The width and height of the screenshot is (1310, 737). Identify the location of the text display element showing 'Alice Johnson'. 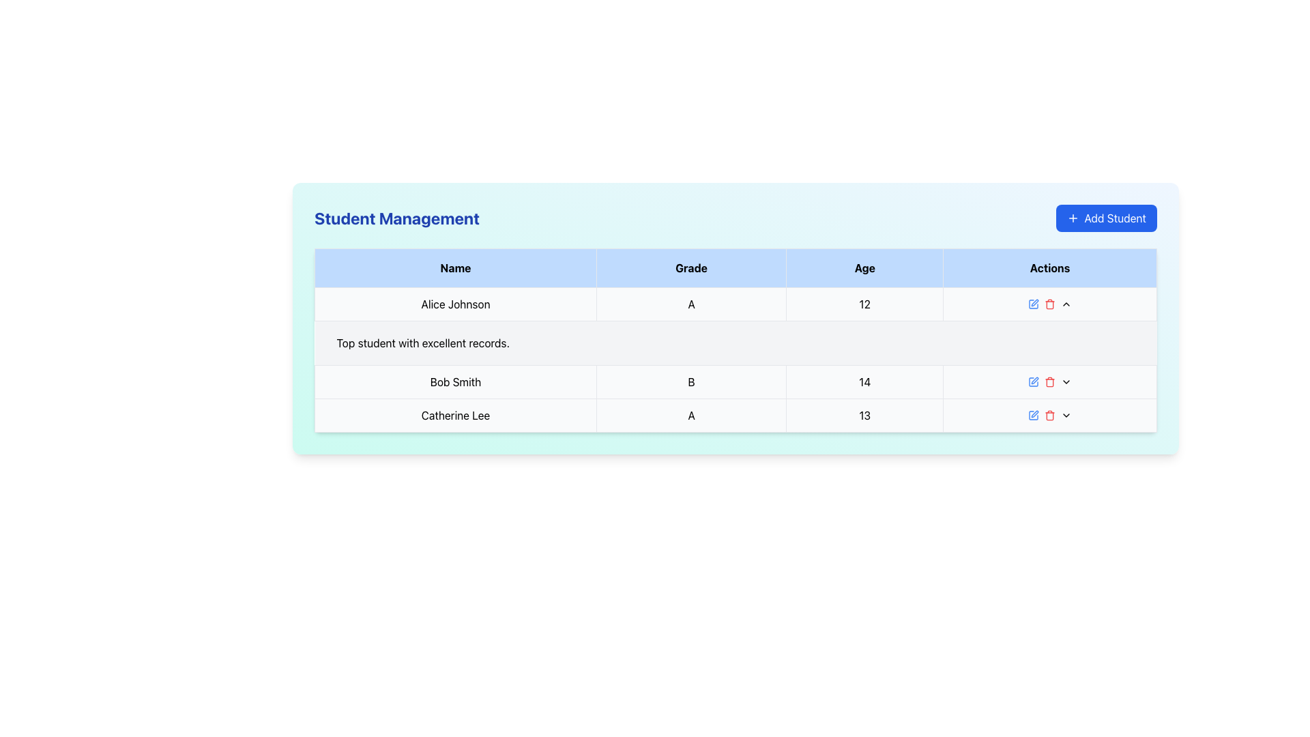
(455, 304).